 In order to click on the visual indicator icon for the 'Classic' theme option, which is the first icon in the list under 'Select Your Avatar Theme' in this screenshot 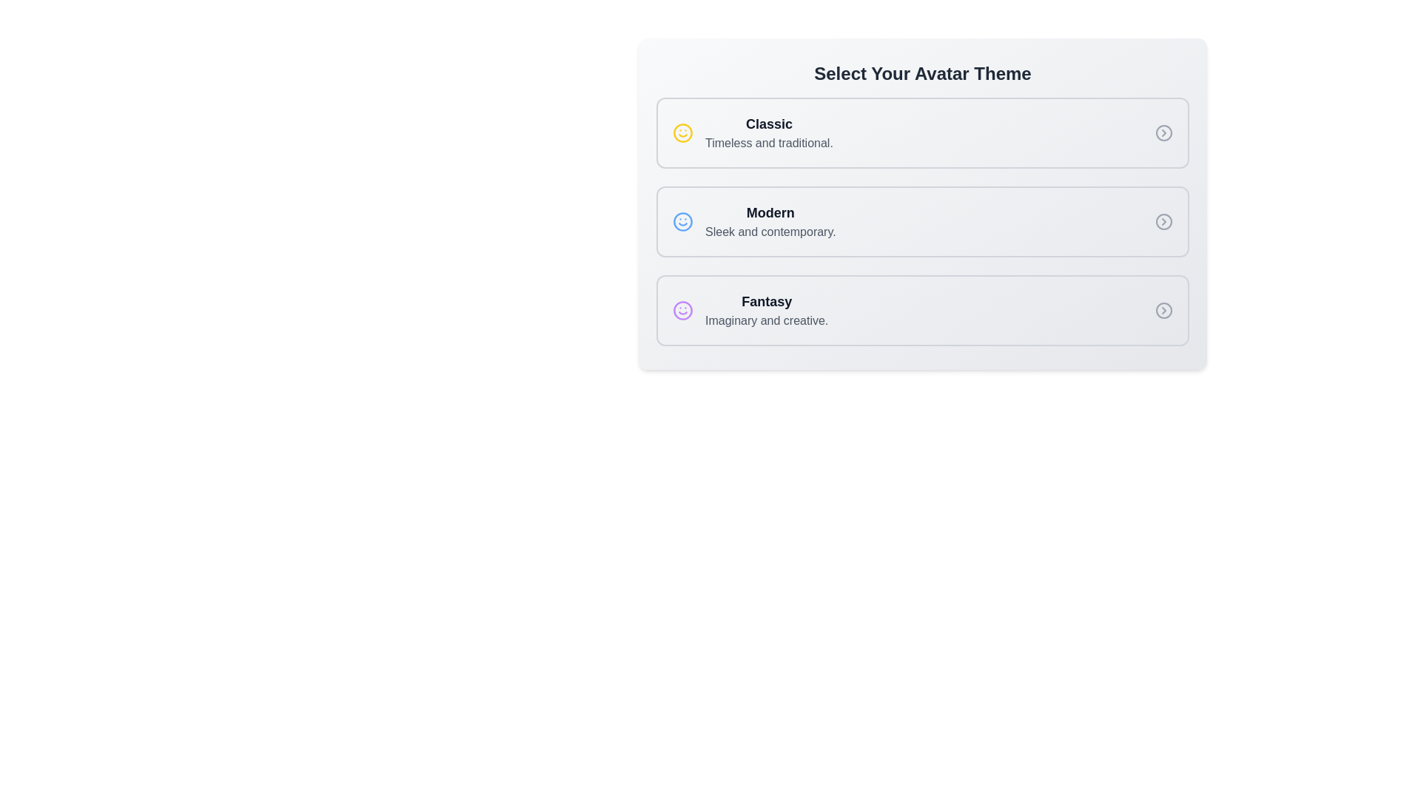, I will do `click(682, 133)`.